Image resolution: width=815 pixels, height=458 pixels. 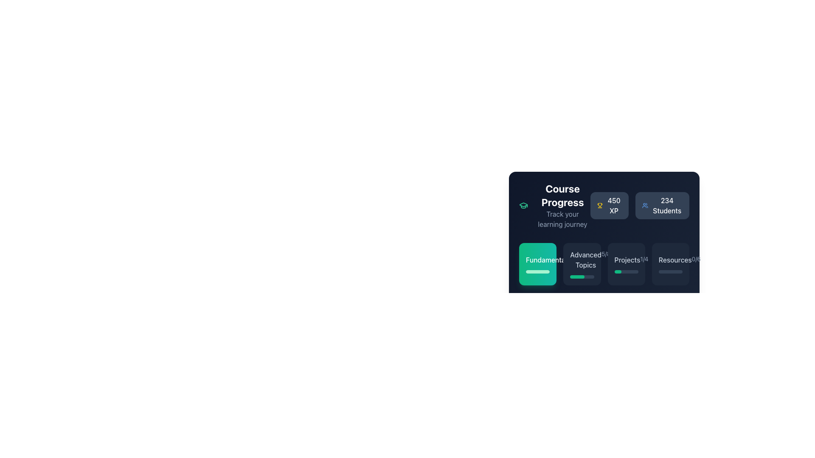 What do you see at coordinates (640, 206) in the screenshot?
I see `the Information panel displaying '450 XP' and '234 Students' in the top-right part of the course progress card` at bounding box center [640, 206].